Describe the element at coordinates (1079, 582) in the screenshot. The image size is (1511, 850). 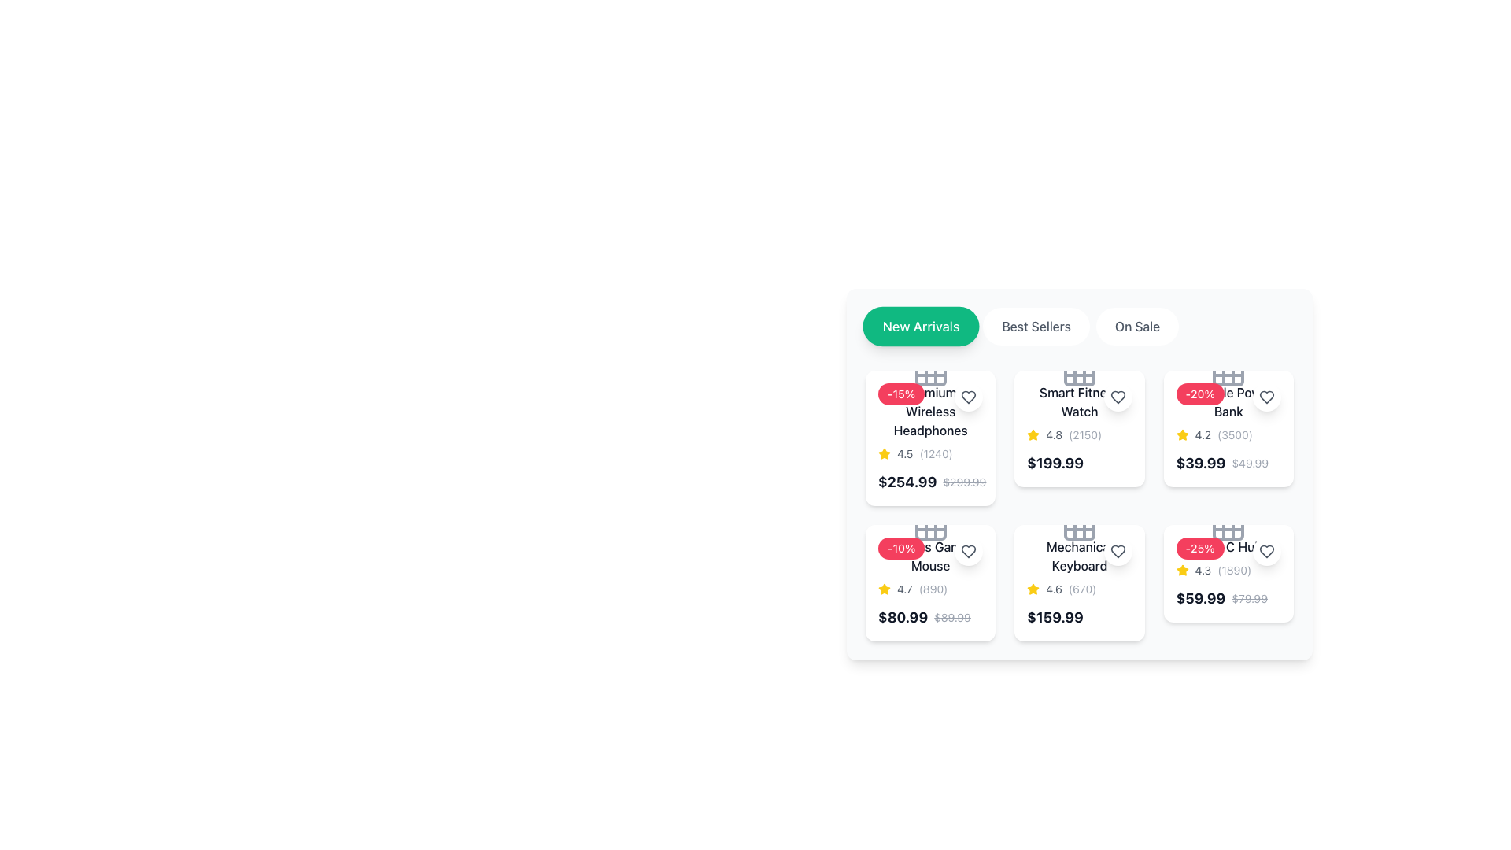
I see `the fourth card in the grid layout displaying product information for a 'Mechanical Keyboard'` at that location.